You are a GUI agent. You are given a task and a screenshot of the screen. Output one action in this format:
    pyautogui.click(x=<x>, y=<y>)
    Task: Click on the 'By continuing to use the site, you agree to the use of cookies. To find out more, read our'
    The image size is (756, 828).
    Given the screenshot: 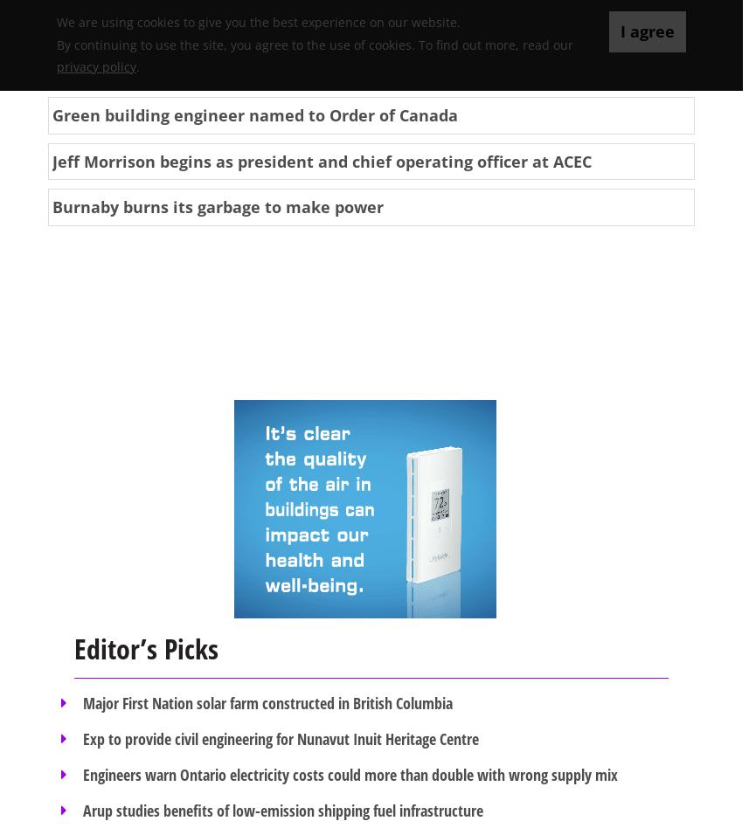 What is the action you would take?
    pyautogui.click(x=315, y=44)
    